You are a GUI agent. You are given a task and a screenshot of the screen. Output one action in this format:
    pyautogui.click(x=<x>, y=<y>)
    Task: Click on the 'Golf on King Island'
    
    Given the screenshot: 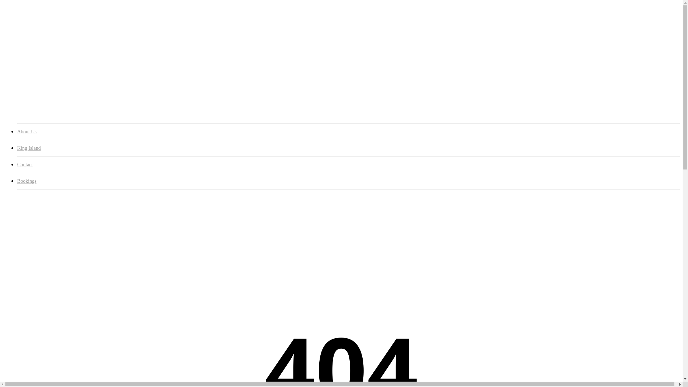 What is the action you would take?
    pyautogui.click(x=54, y=89)
    